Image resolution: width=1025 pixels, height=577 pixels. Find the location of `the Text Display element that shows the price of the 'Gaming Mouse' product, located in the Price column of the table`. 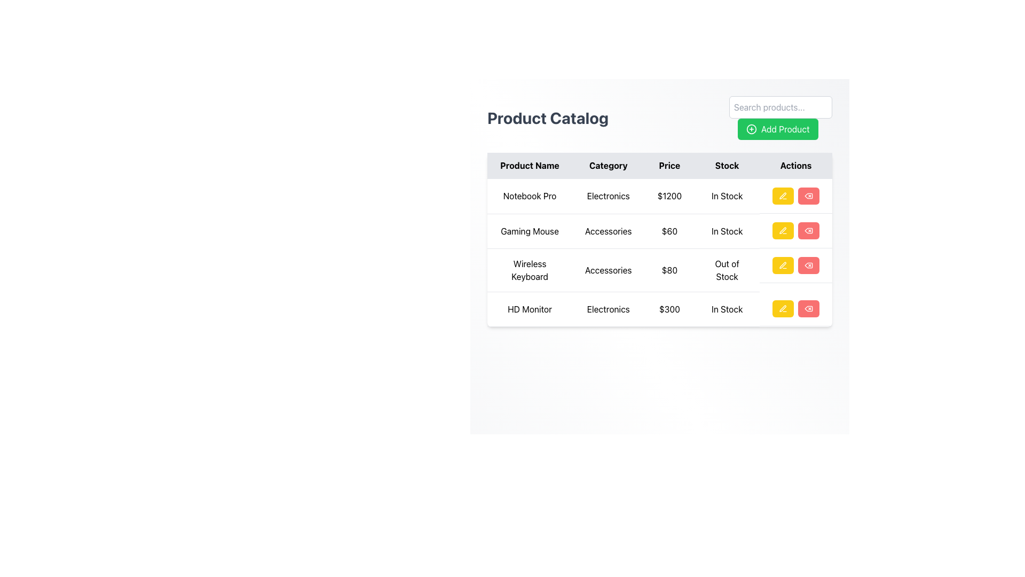

the Text Display element that shows the price of the 'Gaming Mouse' product, located in the Price column of the table is located at coordinates (669, 230).